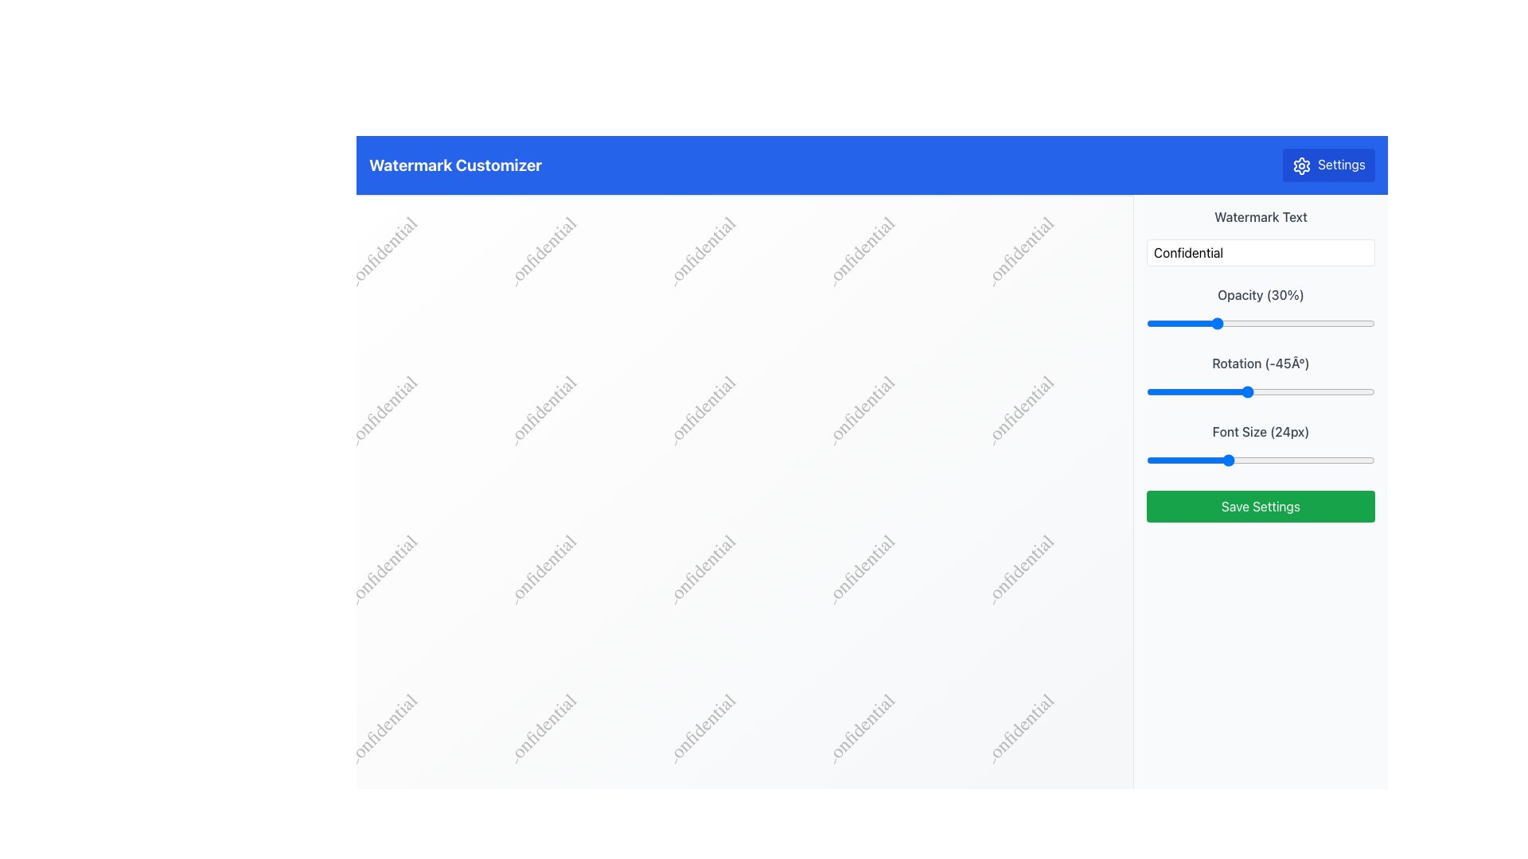  Describe the element at coordinates (1202, 391) in the screenshot. I see `rotation` at that location.